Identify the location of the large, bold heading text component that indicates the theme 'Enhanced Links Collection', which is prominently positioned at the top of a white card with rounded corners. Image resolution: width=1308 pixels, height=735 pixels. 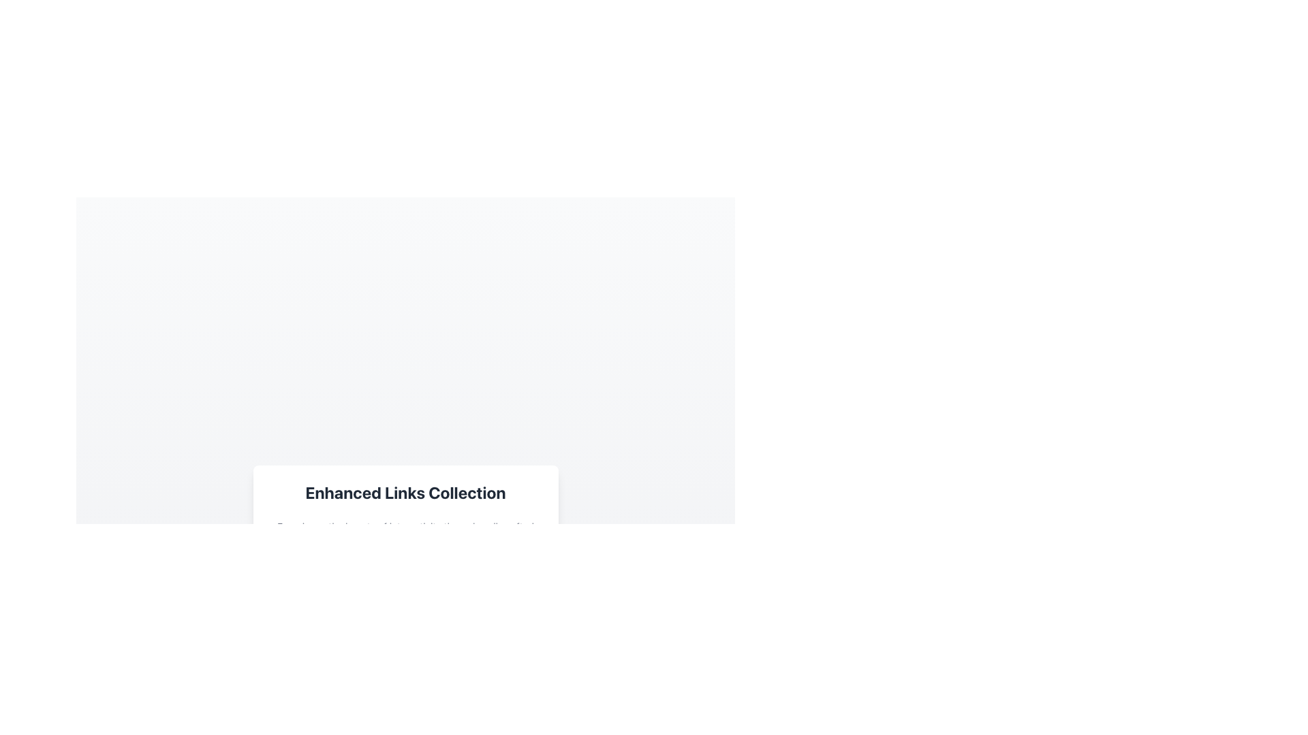
(405, 493).